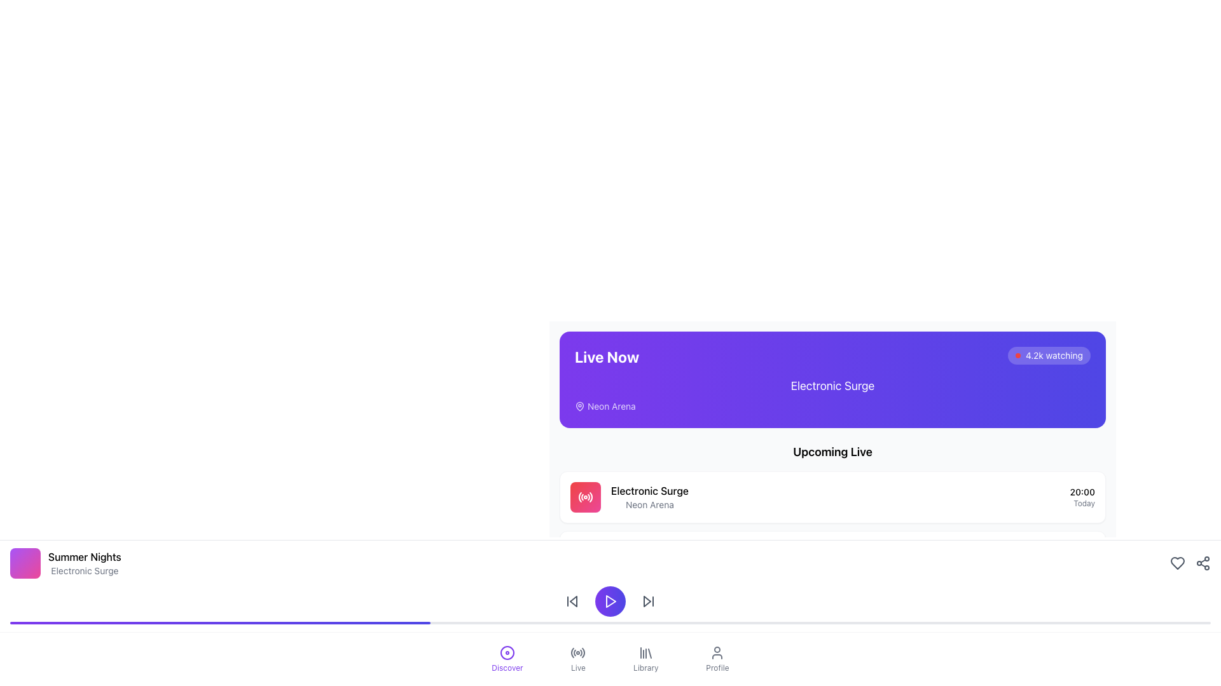  Describe the element at coordinates (832, 421) in the screenshot. I see `the links within the live event details of the large rectangular informational card with a vibrant violet gradient background and white text, displaying 'Live Now' and 'Electronic Surge'` at that location.